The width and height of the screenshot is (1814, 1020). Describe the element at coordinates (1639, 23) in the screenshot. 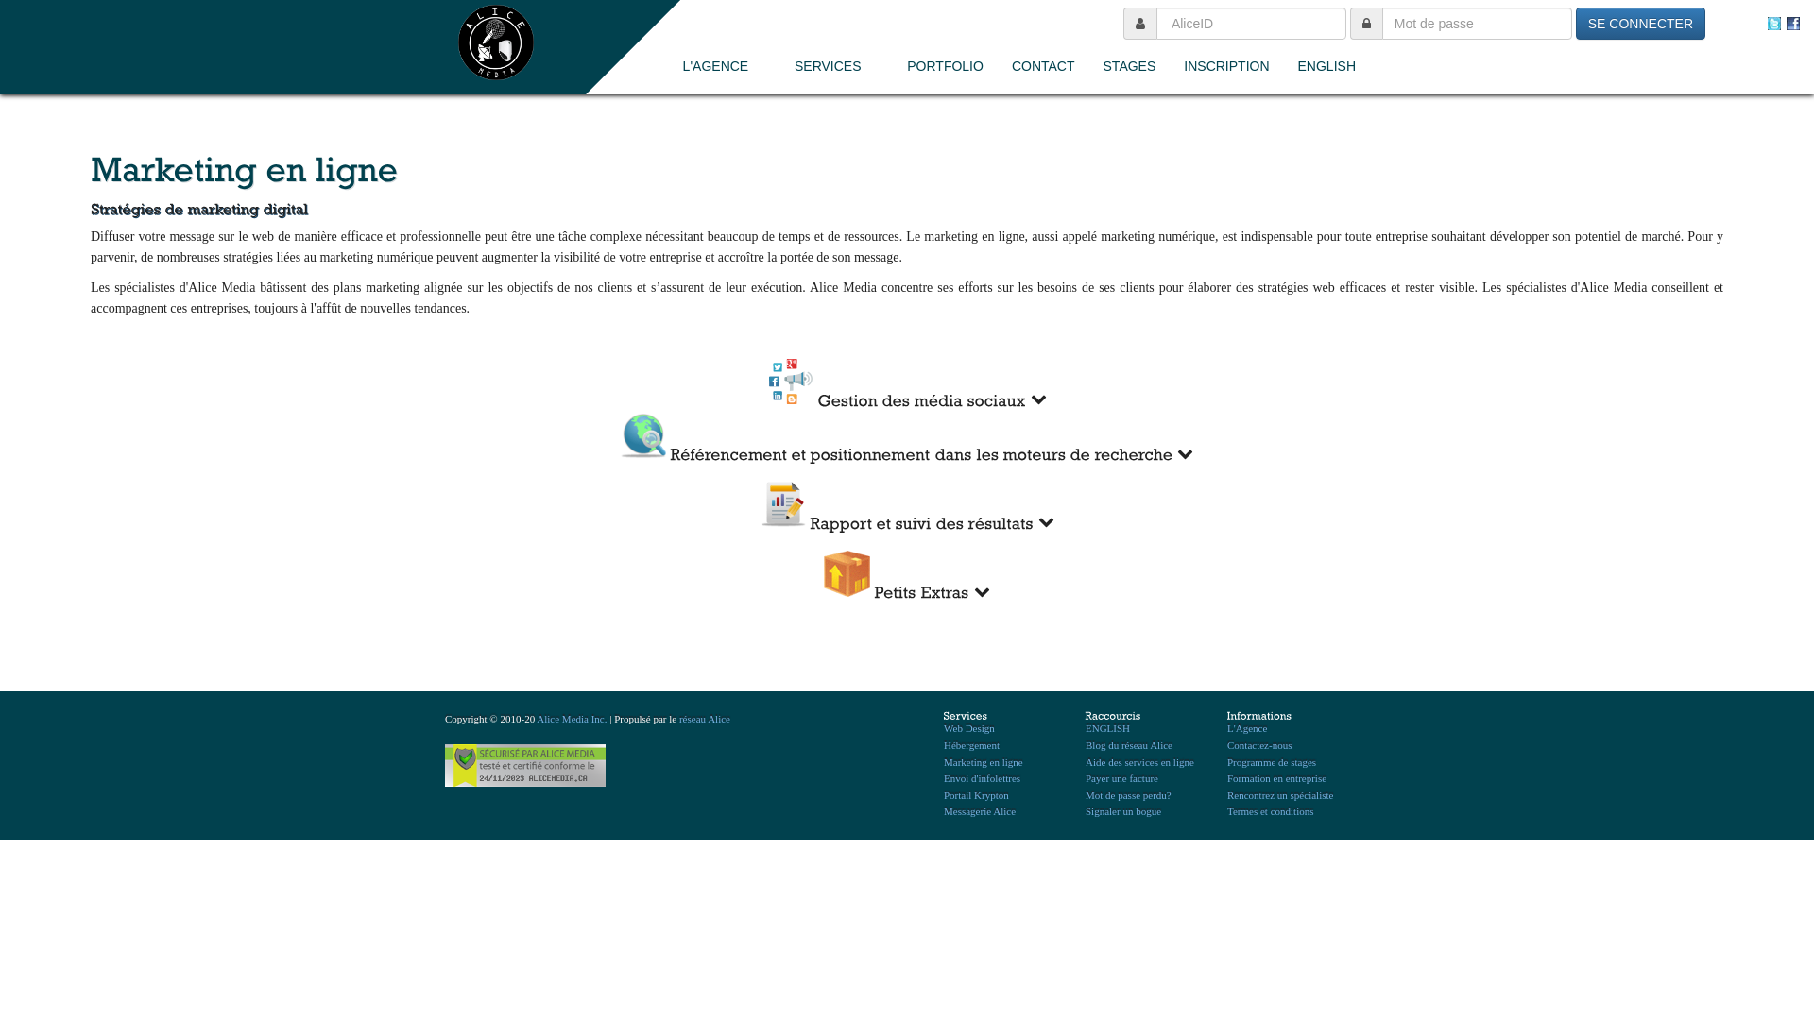

I see `'SE CONNECTER'` at that location.